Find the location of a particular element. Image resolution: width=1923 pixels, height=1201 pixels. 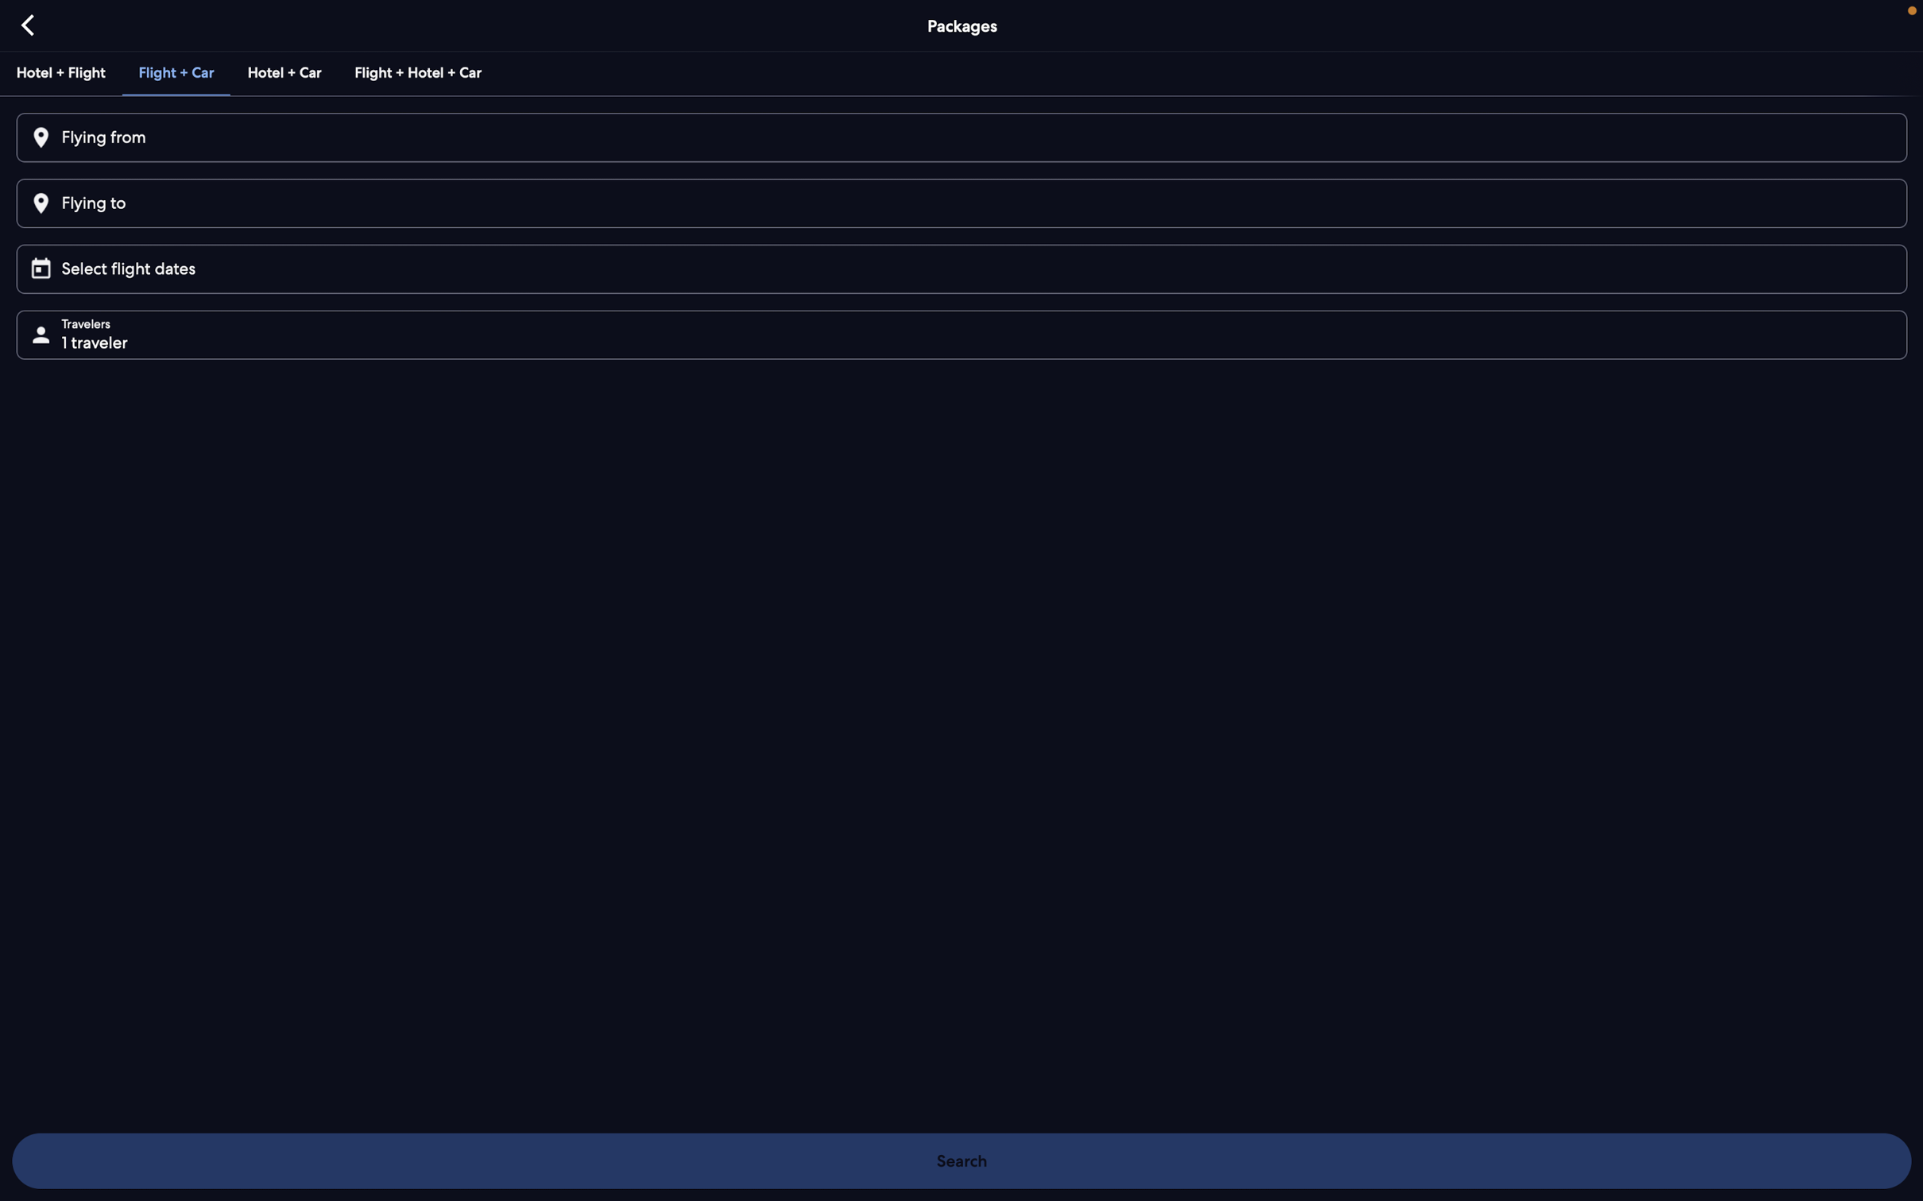

the option for a flight and car package is located at coordinates (173, 70).